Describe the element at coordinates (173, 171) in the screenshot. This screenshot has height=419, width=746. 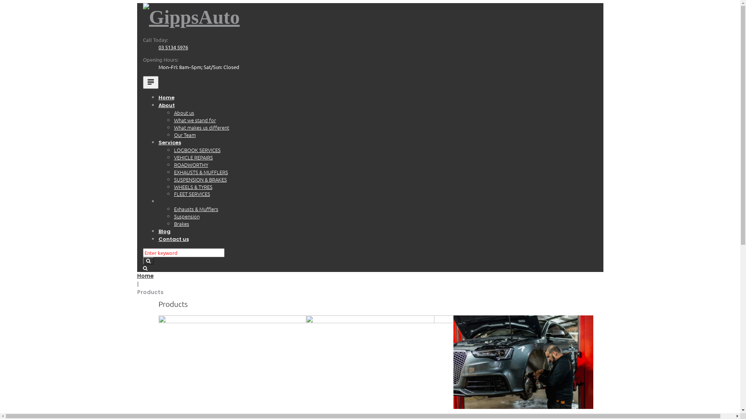
I see `'EXHAUSTS & MUFFLERS'` at that location.